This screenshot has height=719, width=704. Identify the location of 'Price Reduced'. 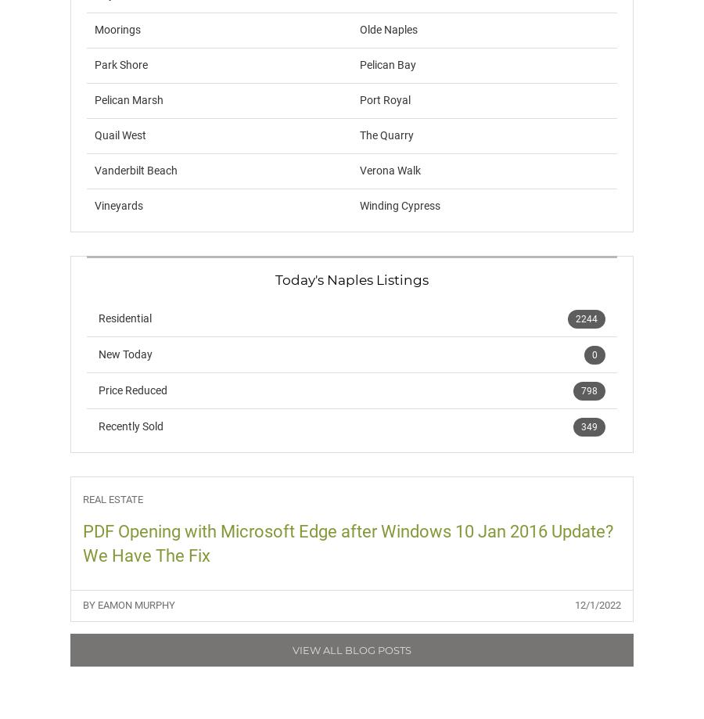
(99, 390).